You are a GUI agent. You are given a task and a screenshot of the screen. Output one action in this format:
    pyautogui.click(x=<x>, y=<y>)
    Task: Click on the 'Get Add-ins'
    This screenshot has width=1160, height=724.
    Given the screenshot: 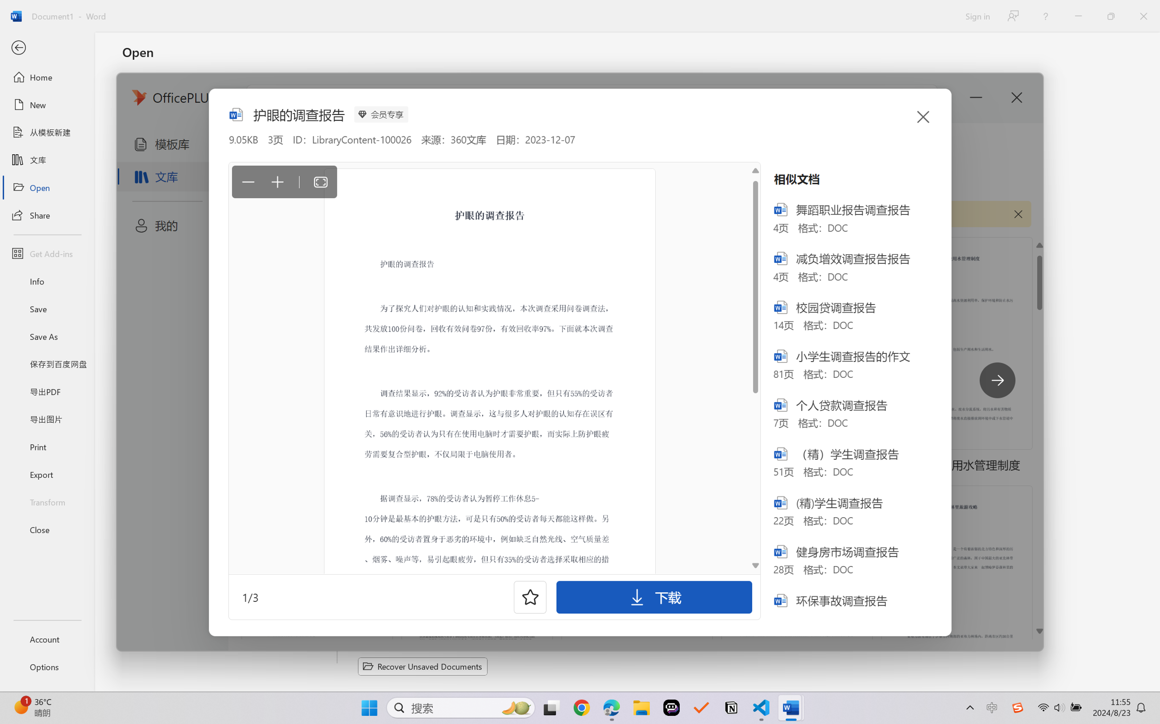 What is the action you would take?
    pyautogui.click(x=46, y=253)
    